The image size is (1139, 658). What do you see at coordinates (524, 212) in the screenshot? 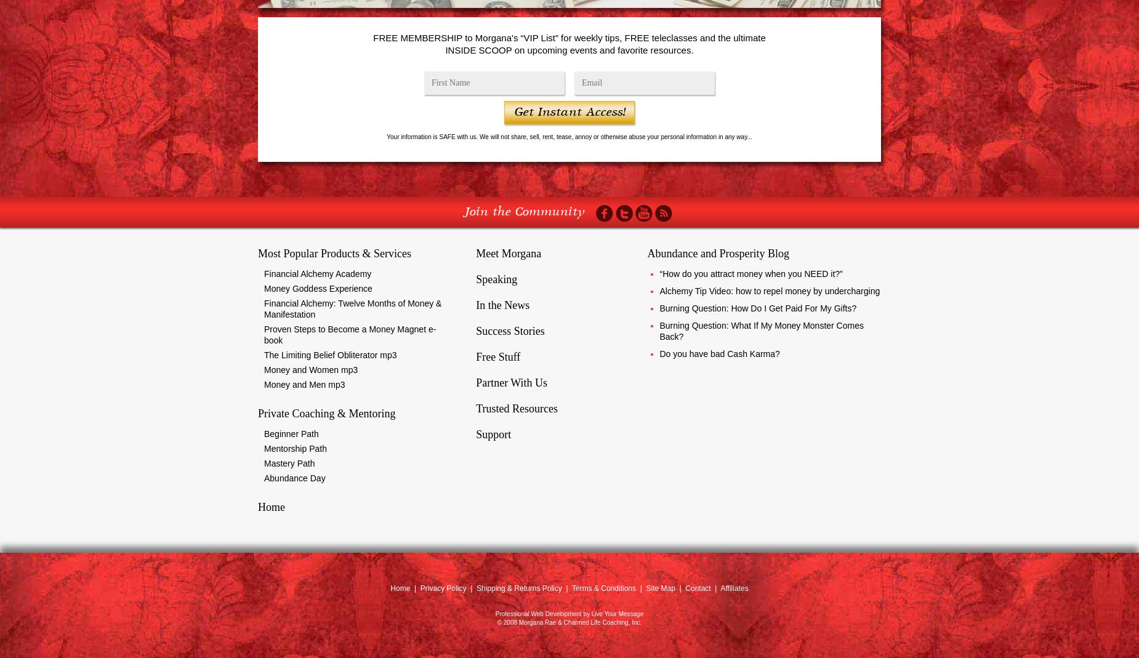
I see `'Join the Community'` at bounding box center [524, 212].